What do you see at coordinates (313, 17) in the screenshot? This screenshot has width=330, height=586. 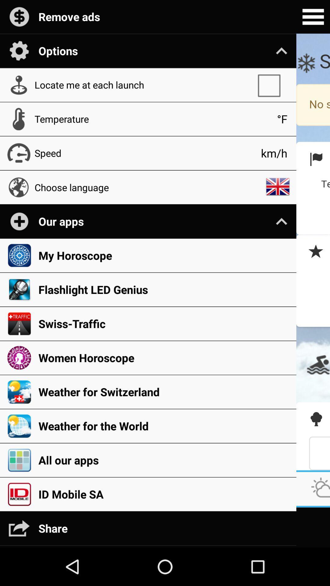 I see `main menu option` at bounding box center [313, 17].